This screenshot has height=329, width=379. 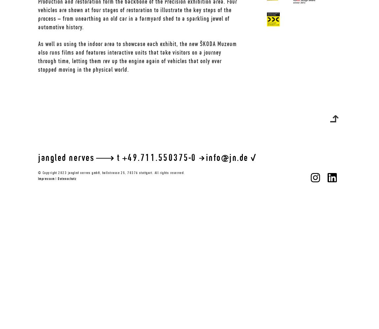 I want to click on 'As well as using the indoor area to showcase each exhibit, the new ŠKODA Muzeum also runs films and features interactive units that take visitors on a journey through time, letting them rev up the engine again of vehicles that only ever stopped moving in the physical world.', so click(x=137, y=57).